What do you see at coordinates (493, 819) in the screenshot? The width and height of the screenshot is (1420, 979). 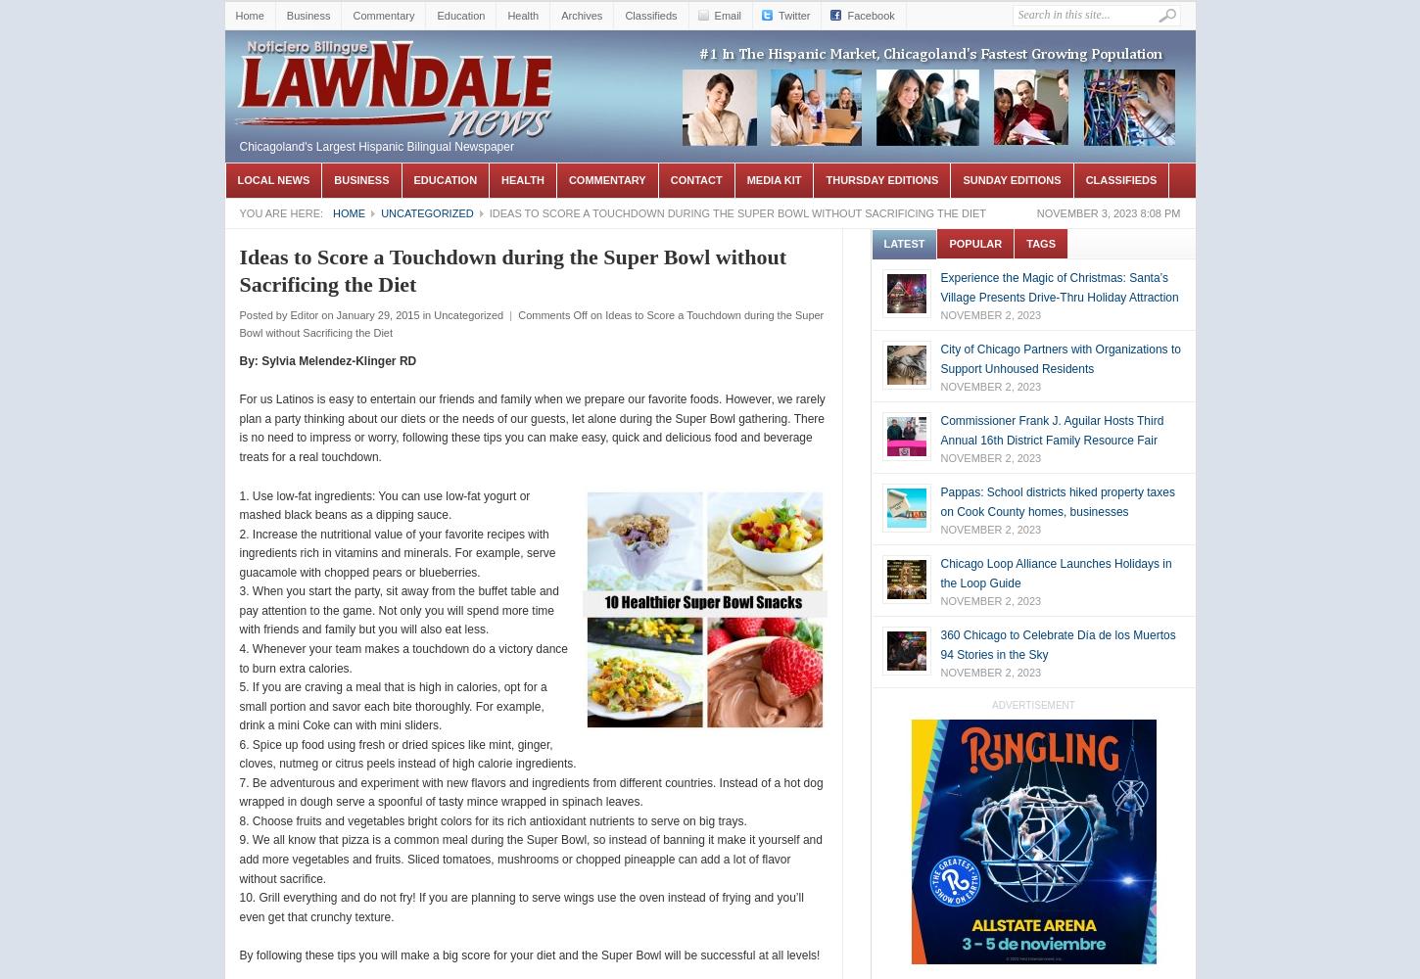 I see `'8.	Choose fruits and vegetables bright colors for its rich antioxidant nutrients to serve on big trays.'` at bounding box center [493, 819].